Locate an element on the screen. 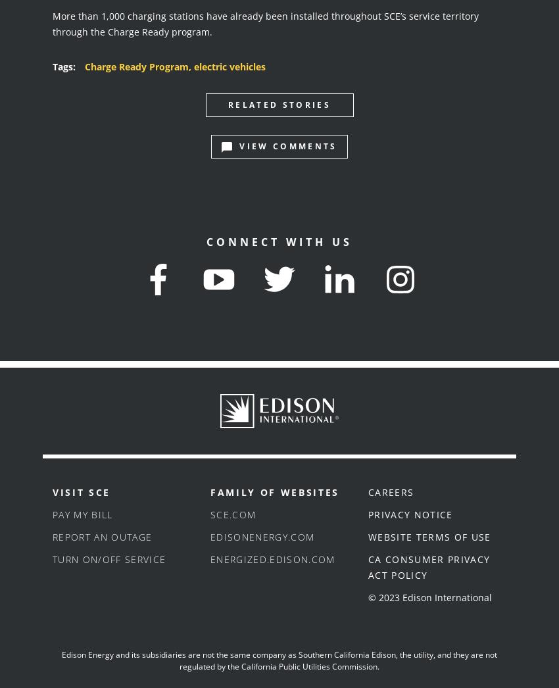 The image size is (559, 688). 'energized.edison.com' is located at coordinates (210, 558).